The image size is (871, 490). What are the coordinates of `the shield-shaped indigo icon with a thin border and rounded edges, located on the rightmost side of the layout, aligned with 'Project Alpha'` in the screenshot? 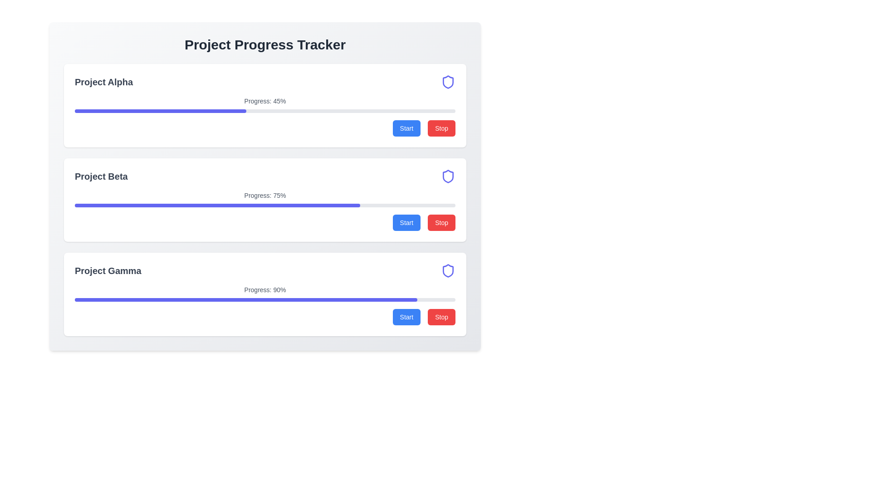 It's located at (448, 82).